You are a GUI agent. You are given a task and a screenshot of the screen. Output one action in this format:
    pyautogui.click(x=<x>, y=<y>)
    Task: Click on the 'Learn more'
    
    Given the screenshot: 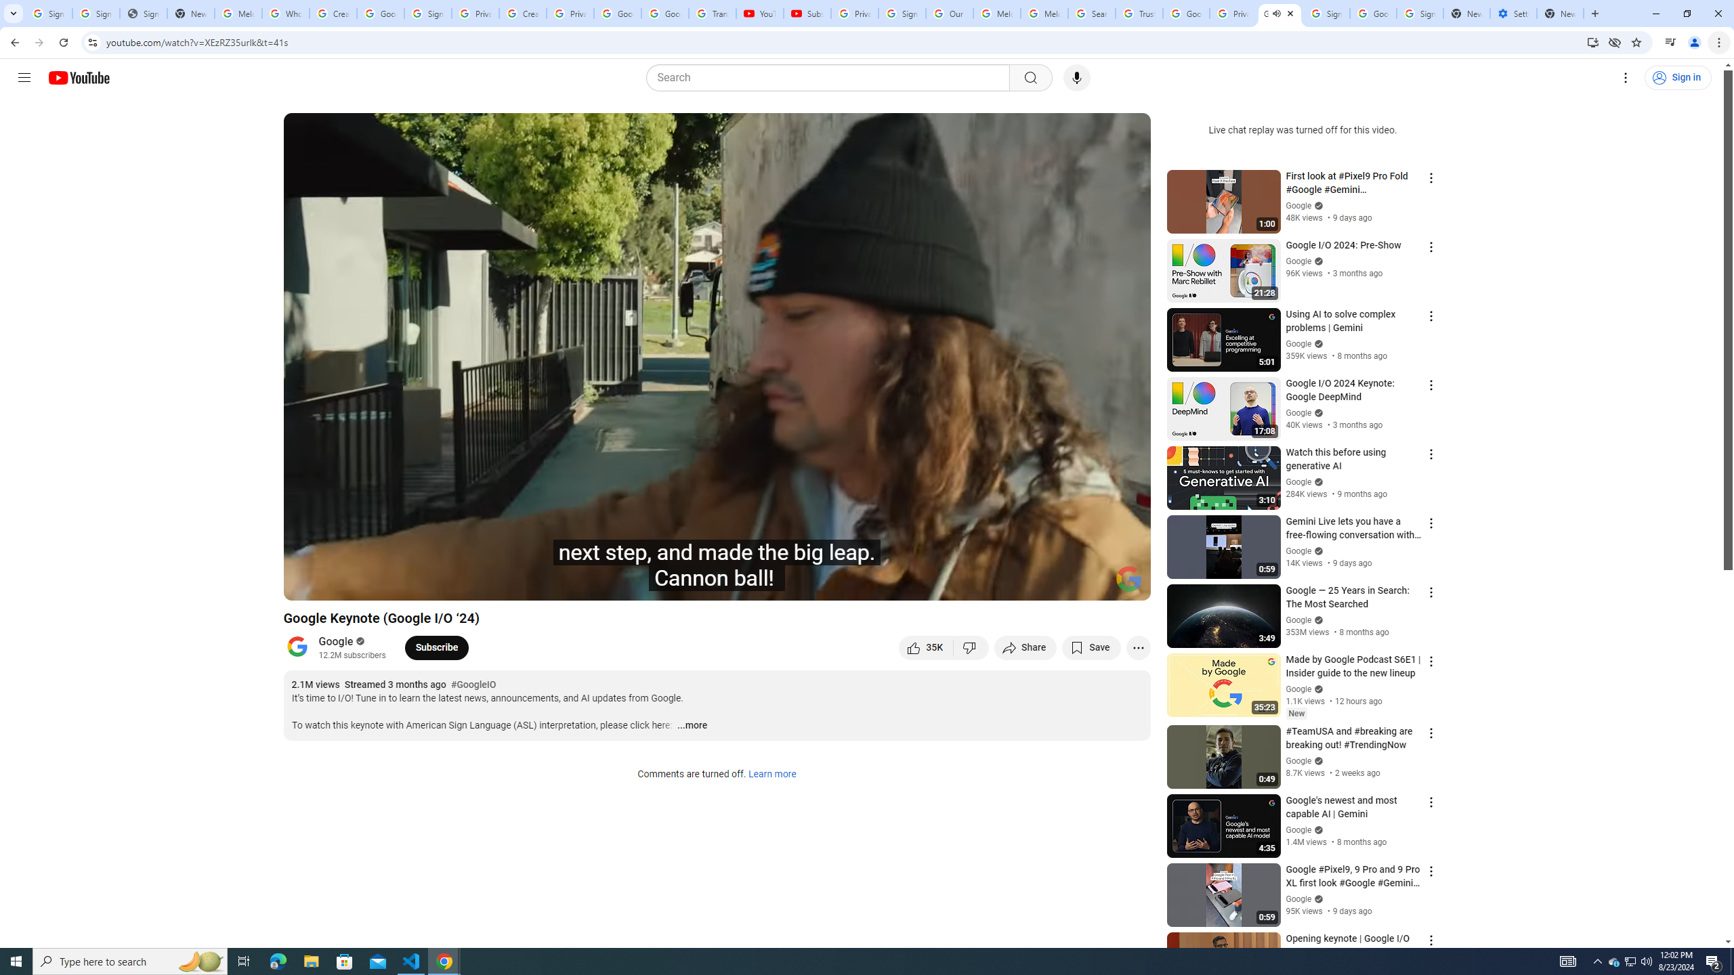 What is the action you would take?
    pyautogui.click(x=771, y=775)
    